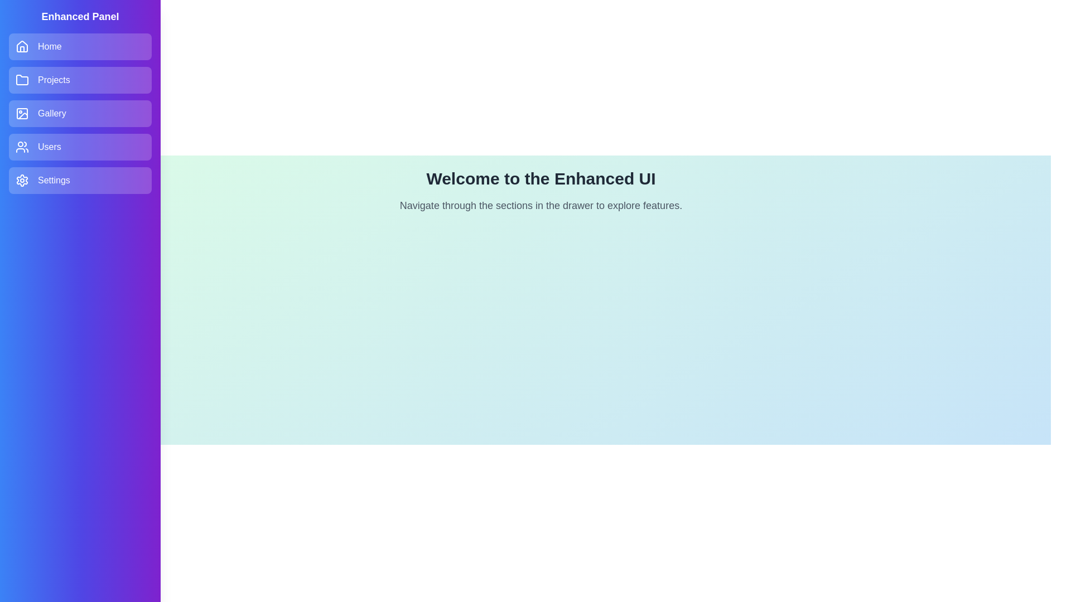 The image size is (1071, 602). What do you see at coordinates (80, 146) in the screenshot?
I see `the Users section in the drawer` at bounding box center [80, 146].